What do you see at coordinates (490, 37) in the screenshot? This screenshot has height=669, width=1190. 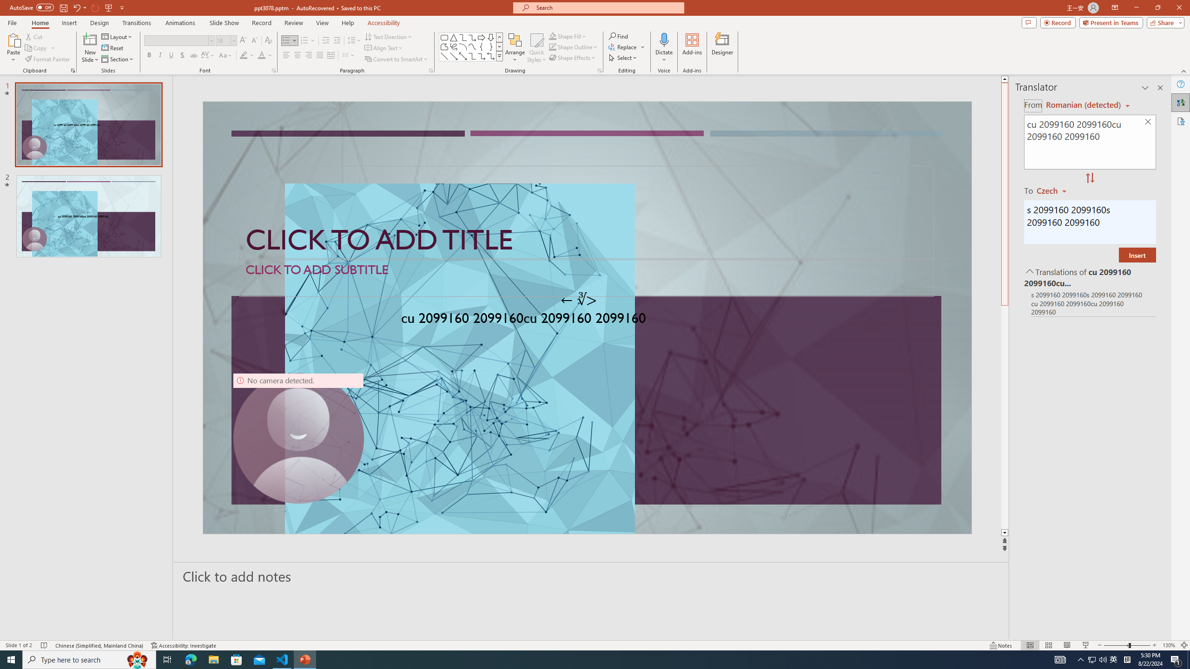 I see `'Arrow: Down'` at bounding box center [490, 37].